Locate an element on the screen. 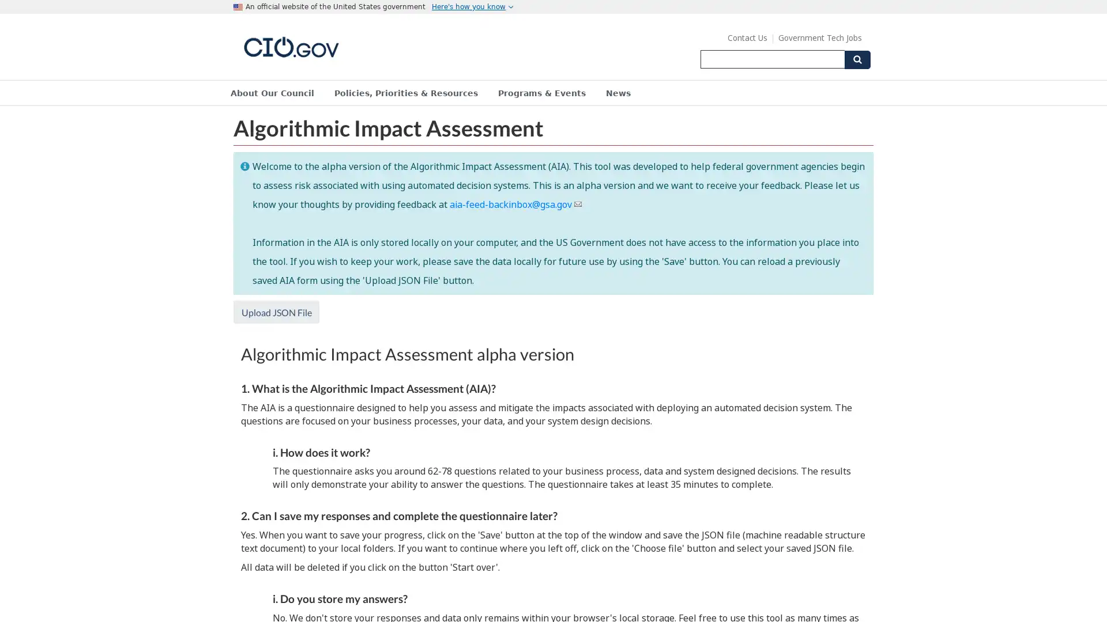 This screenshot has height=622, width=1107. Programs & Events is located at coordinates (522, 92).